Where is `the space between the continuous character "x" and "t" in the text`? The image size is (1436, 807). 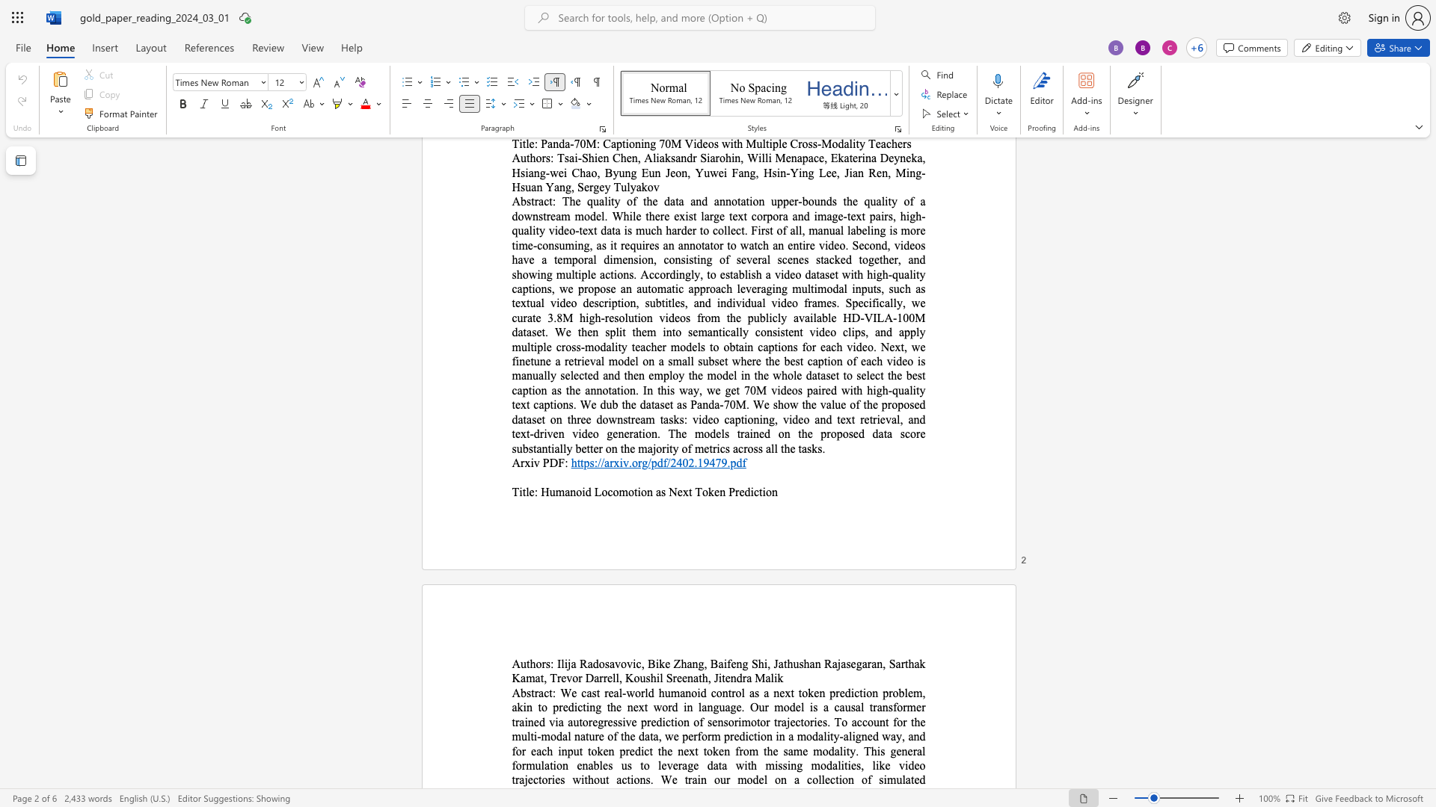 the space between the continuous character "x" and "t" in the text is located at coordinates (687, 492).